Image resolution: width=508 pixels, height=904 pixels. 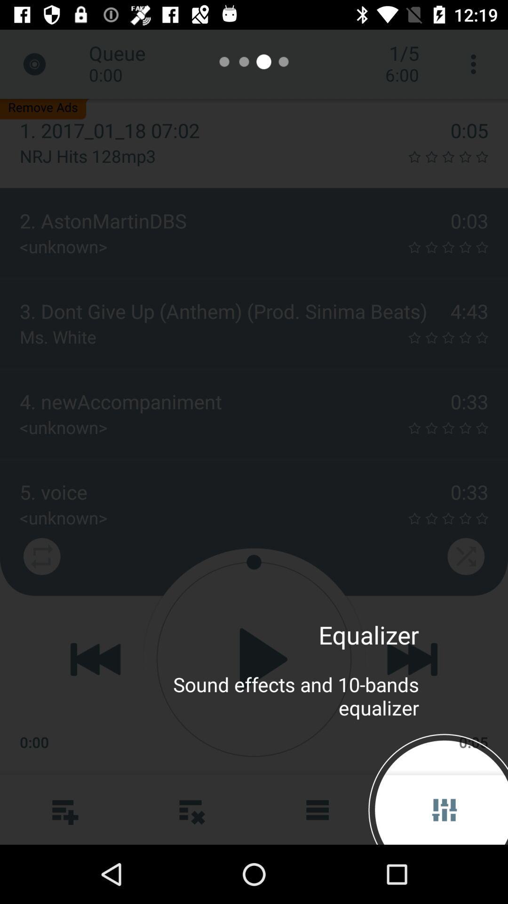 I want to click on the skip_next icon, so click(x=412, y=659).